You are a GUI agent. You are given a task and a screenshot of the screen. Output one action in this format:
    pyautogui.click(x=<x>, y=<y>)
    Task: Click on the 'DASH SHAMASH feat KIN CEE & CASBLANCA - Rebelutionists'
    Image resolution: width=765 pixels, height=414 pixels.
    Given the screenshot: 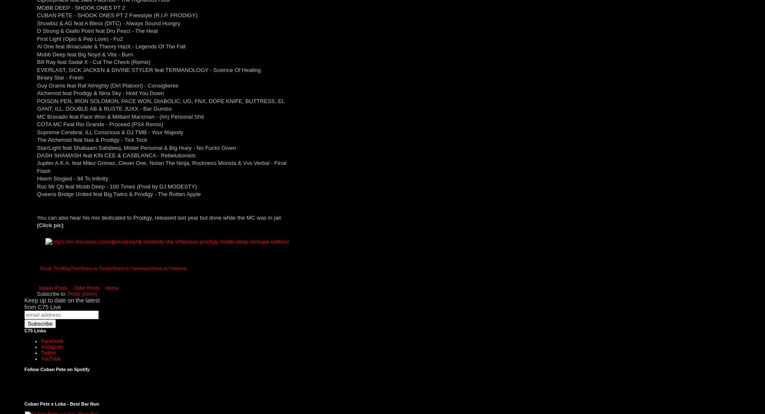 What is the action you would take?
    pyautogui.click(x=116, y=155)
    